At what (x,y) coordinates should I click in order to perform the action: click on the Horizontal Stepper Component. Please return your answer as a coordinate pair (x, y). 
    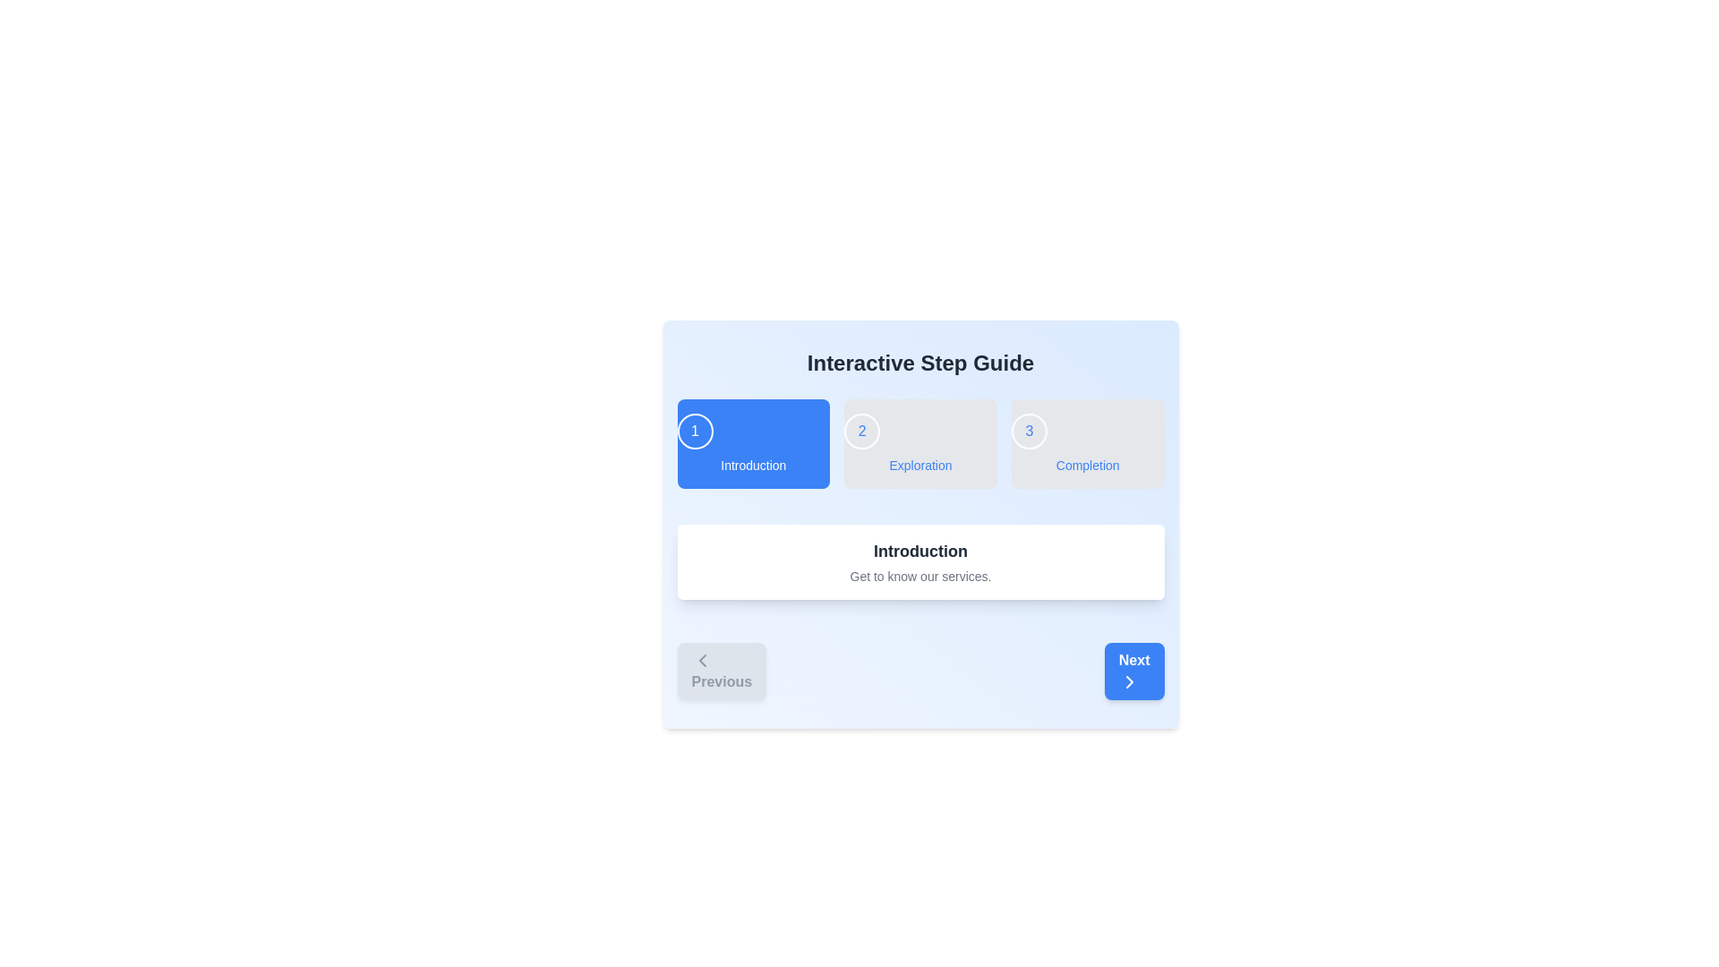
    Looking at the image, I should click on (920, 443).